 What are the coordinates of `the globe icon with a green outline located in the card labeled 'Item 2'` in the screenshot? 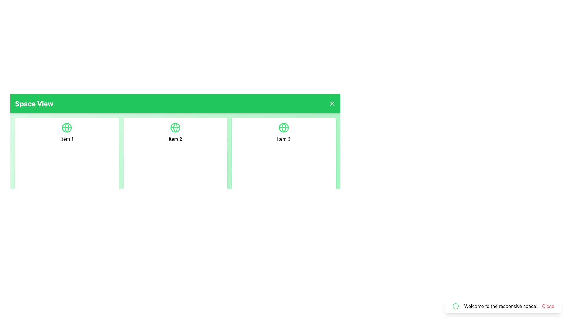 It's located at (175, 127).